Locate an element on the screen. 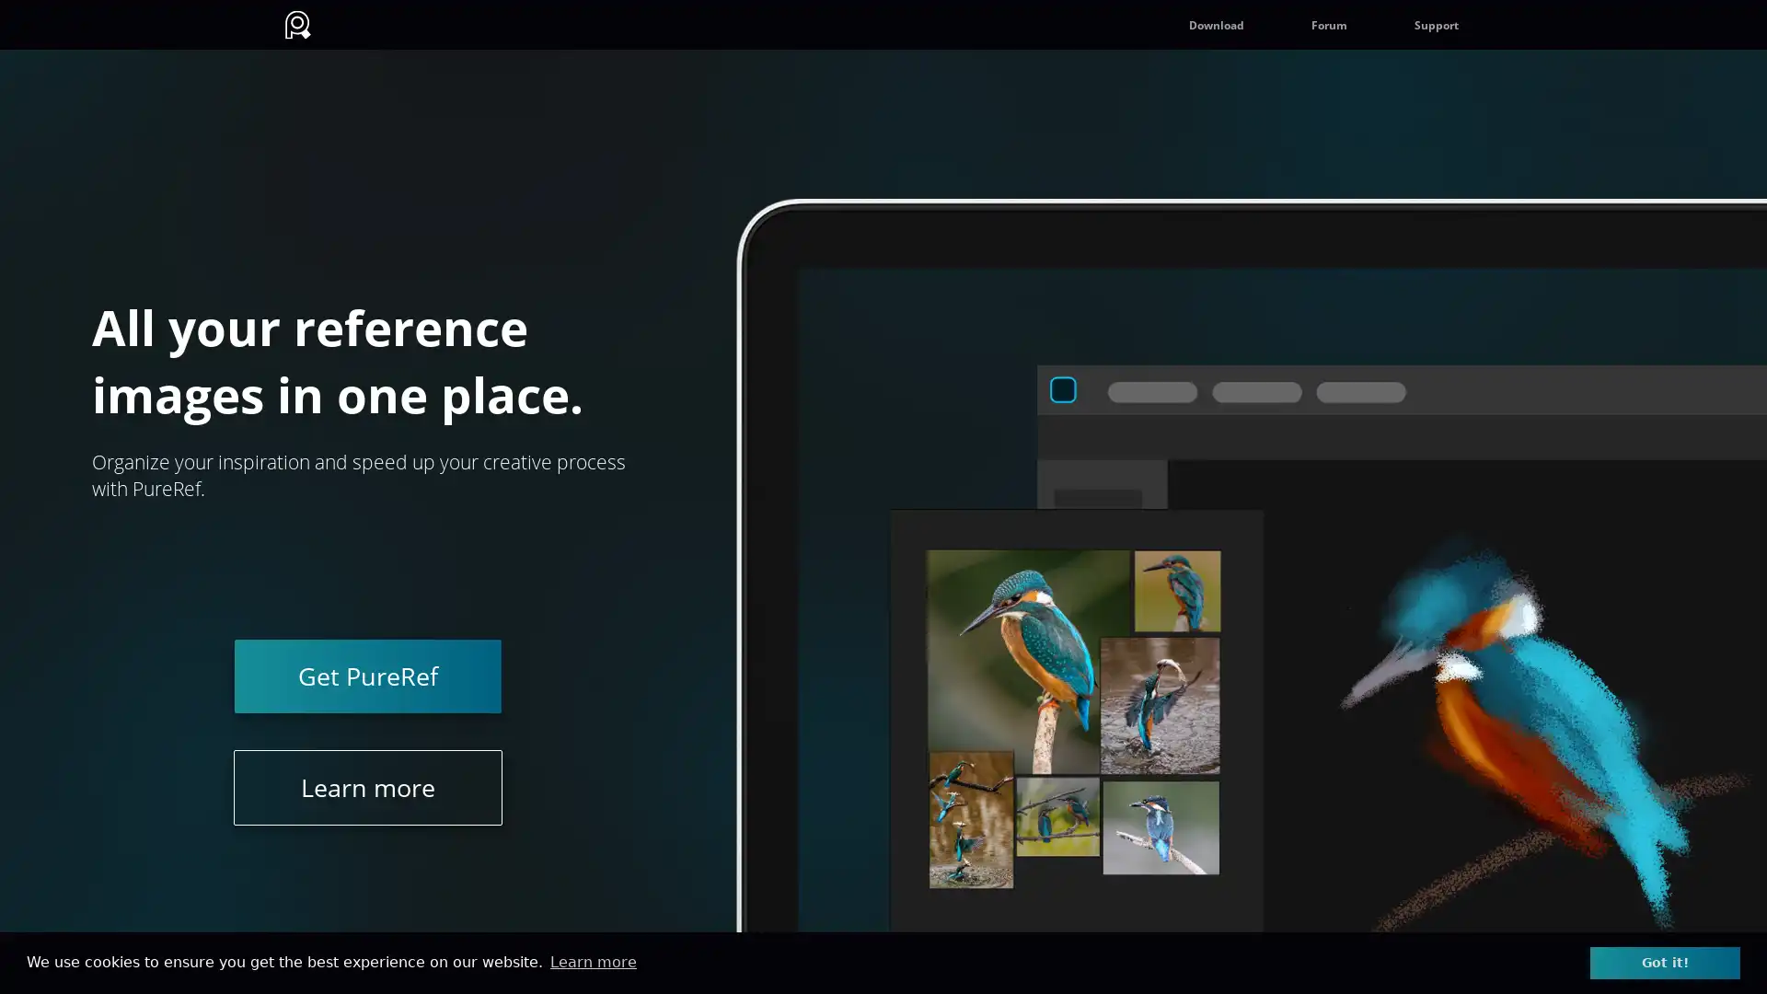 The image size is (1767, 994). learn more about cookies is located at coordinates (593, 961).